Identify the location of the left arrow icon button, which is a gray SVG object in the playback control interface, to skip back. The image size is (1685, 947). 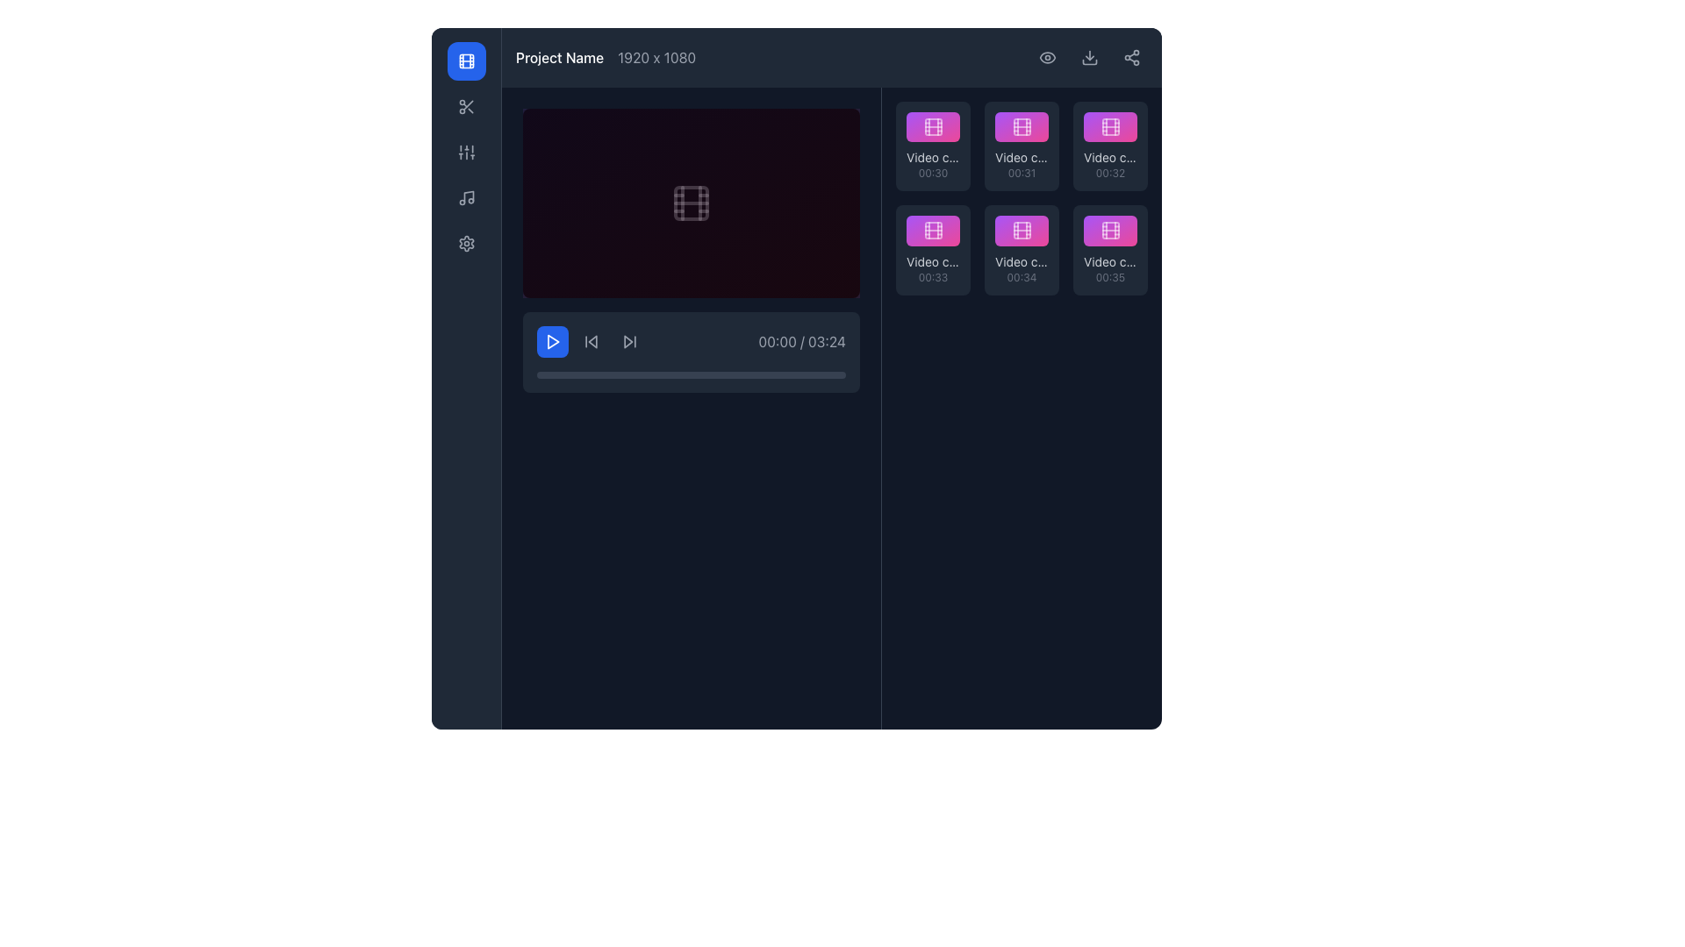
(591, 341).